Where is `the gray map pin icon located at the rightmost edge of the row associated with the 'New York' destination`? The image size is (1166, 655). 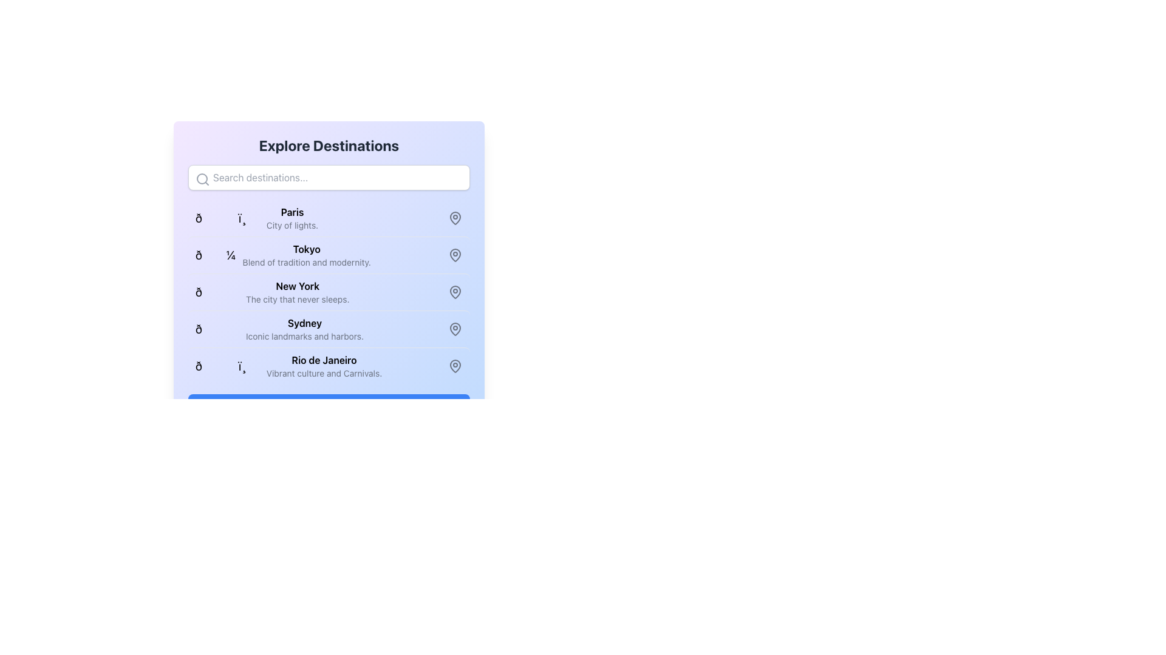
the gray map pin icon located at the rightmost edge of the row associated with the 'New York' destination is located at coordinates (454, 292).